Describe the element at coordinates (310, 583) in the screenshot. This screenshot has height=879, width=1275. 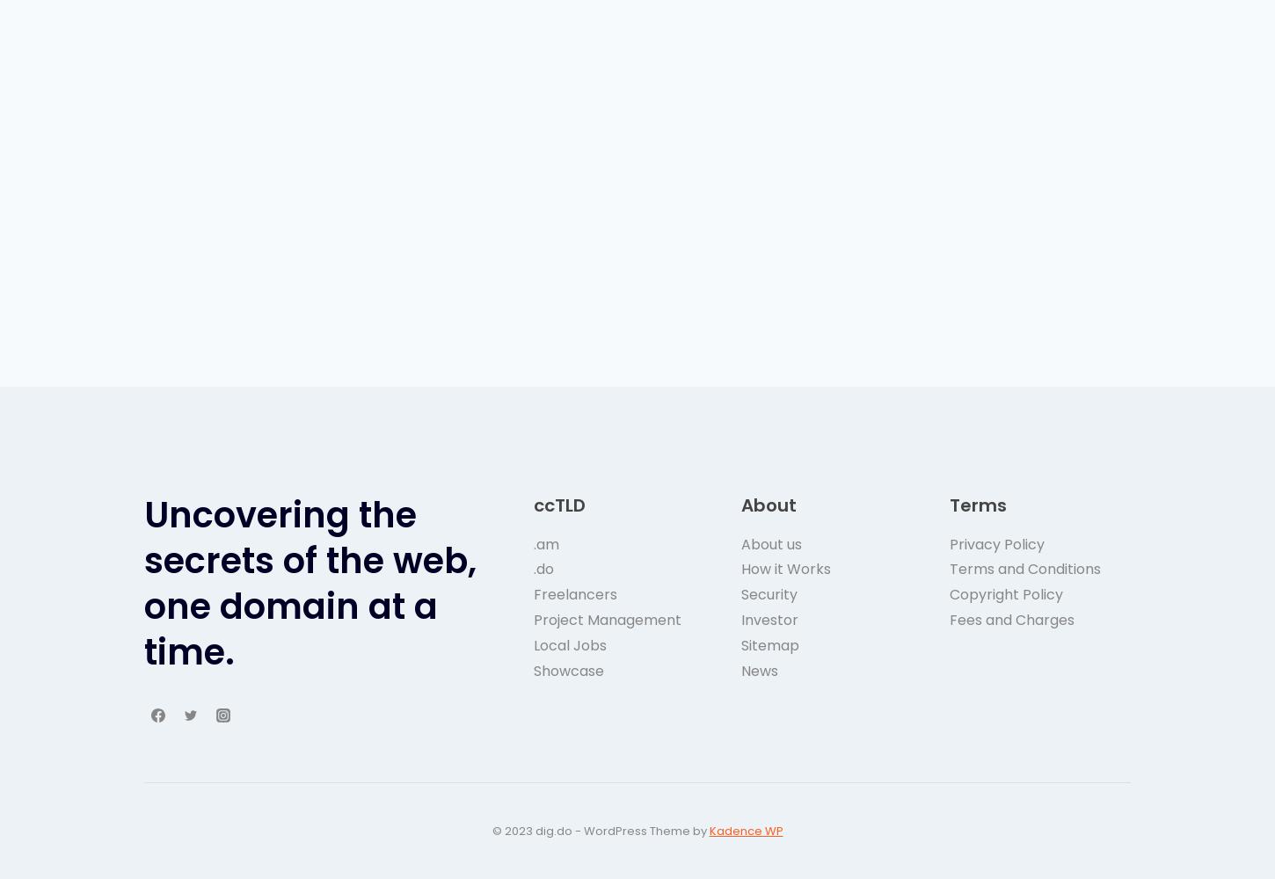
I see `'Uncovering the secrets of the web, one domain at a time.'` at that location.